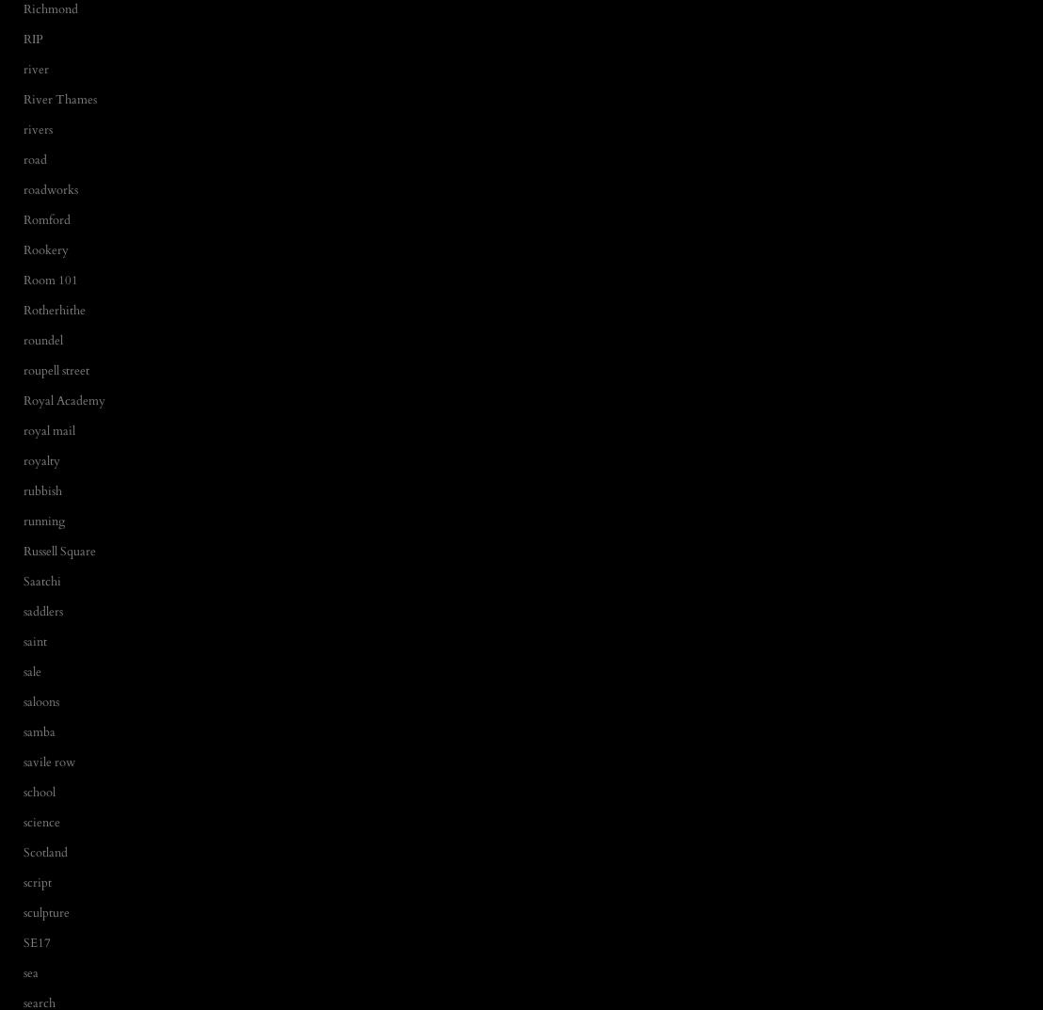 The width and height of the screenshot is (1043, 1010). I want to click on 'RIP', so click(33, 37).